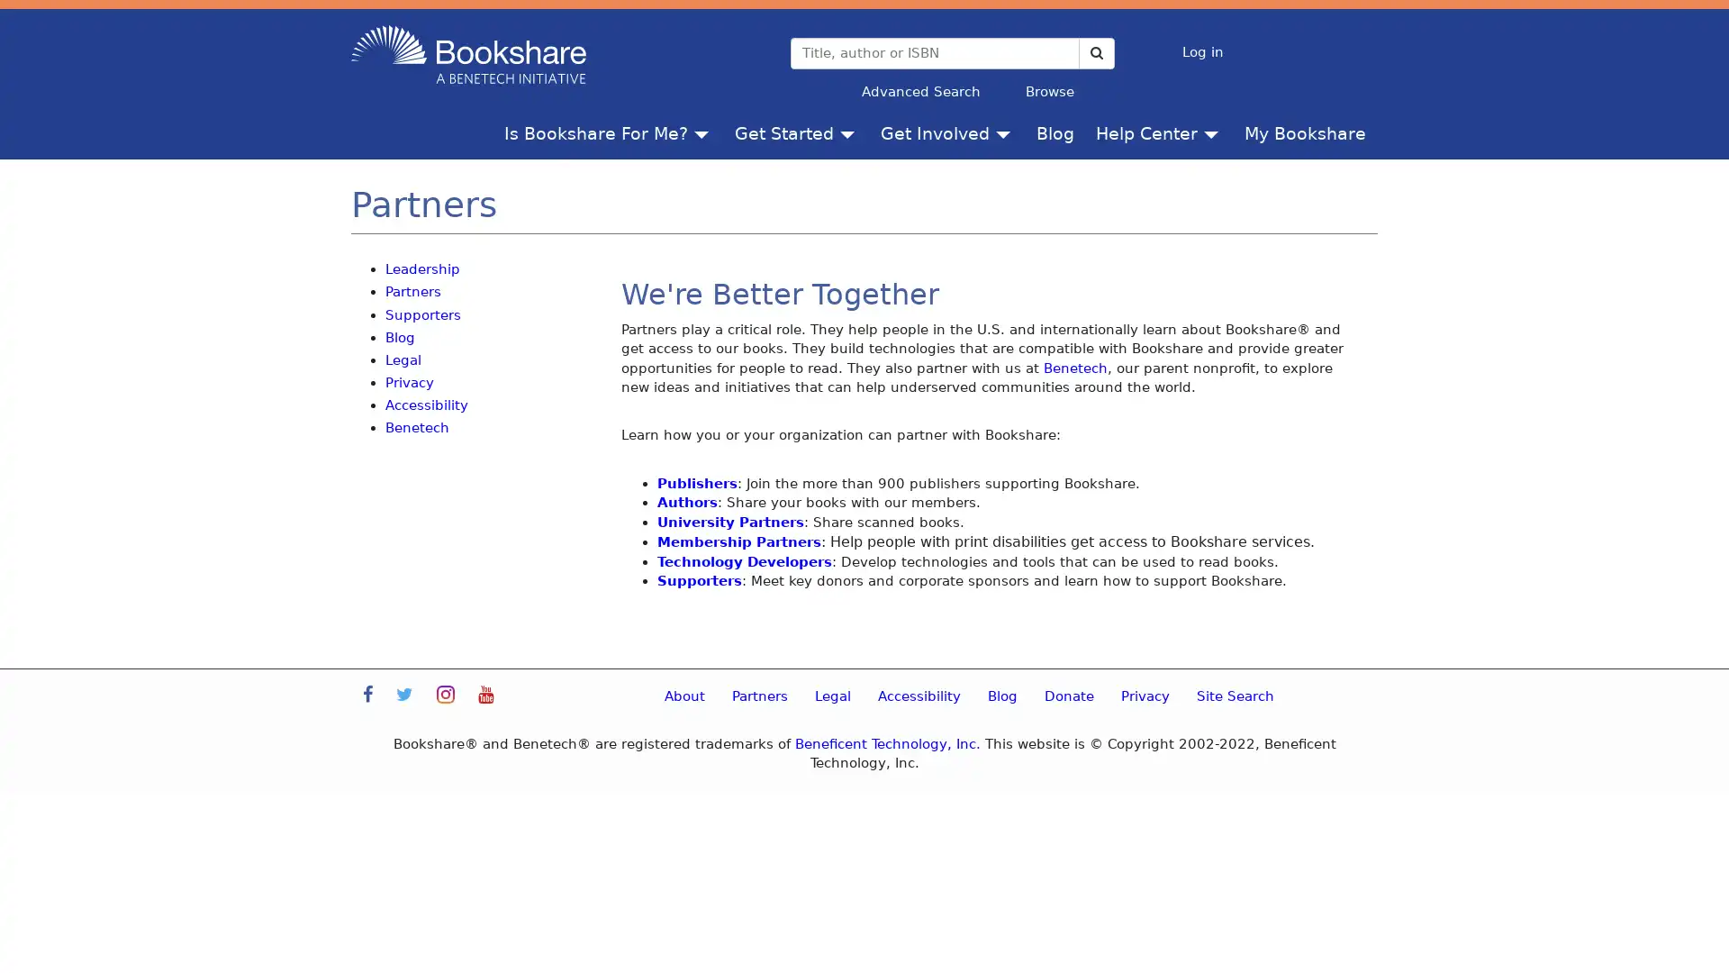 The width and height of the screenshot is (1729, 973). What do you see at coordinates (850, 132) in the screenshot?
I see `Get Started menu` at bounding box center [850, 132].